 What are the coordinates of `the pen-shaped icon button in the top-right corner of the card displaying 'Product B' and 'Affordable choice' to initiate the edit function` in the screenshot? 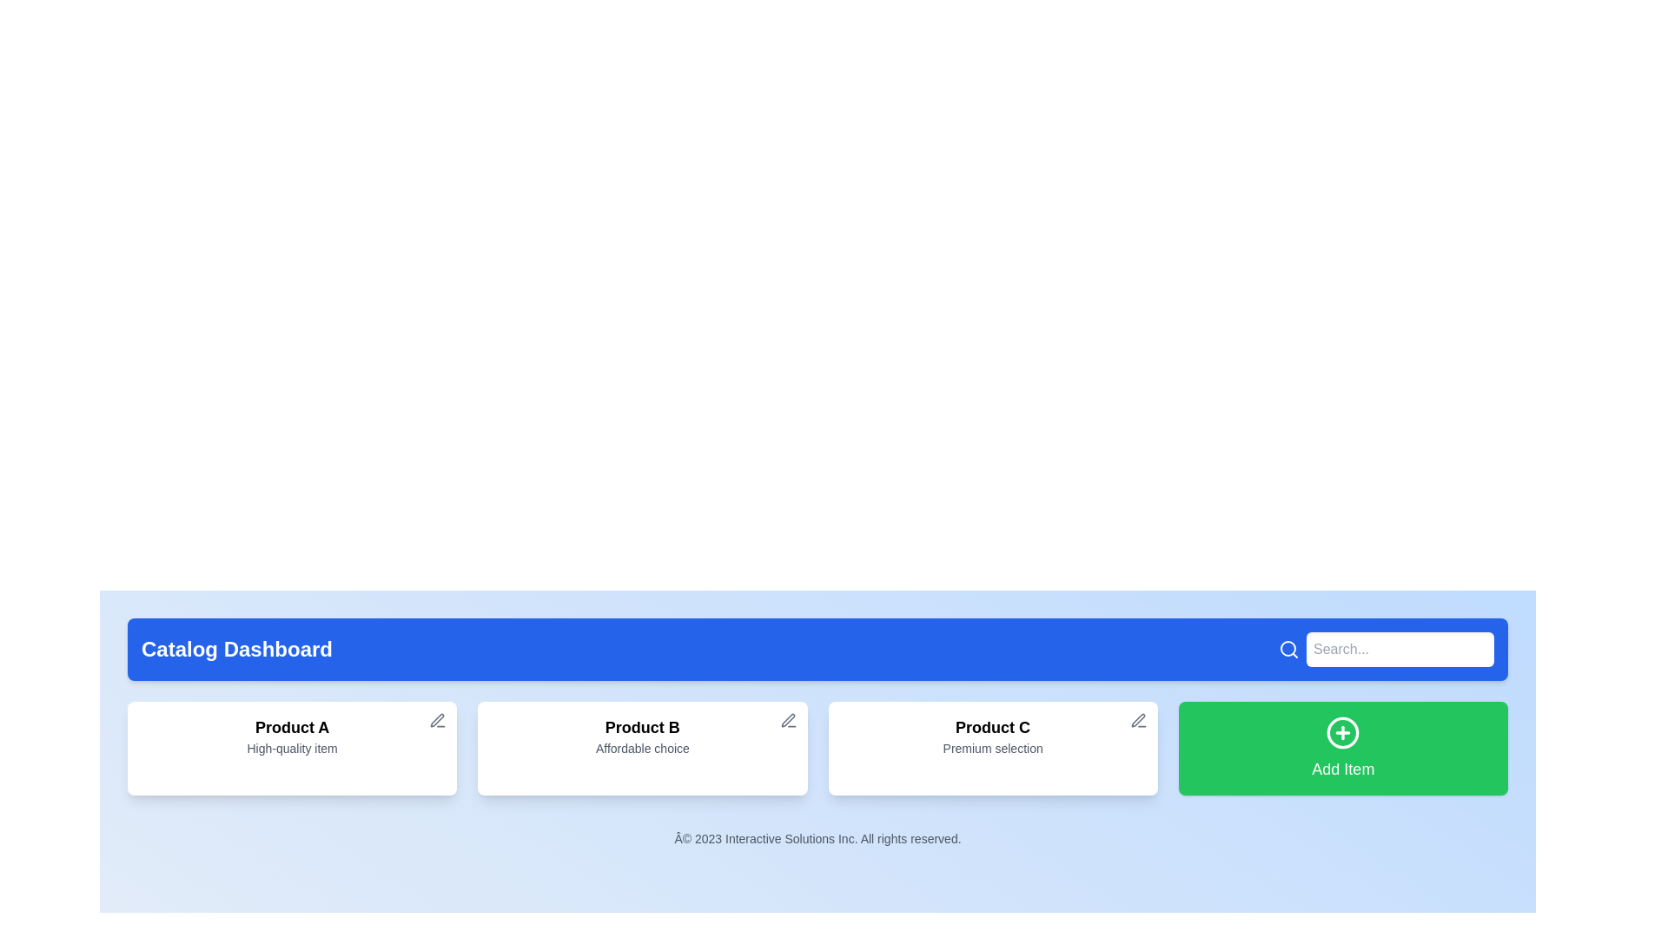 It's located at (787, 720).